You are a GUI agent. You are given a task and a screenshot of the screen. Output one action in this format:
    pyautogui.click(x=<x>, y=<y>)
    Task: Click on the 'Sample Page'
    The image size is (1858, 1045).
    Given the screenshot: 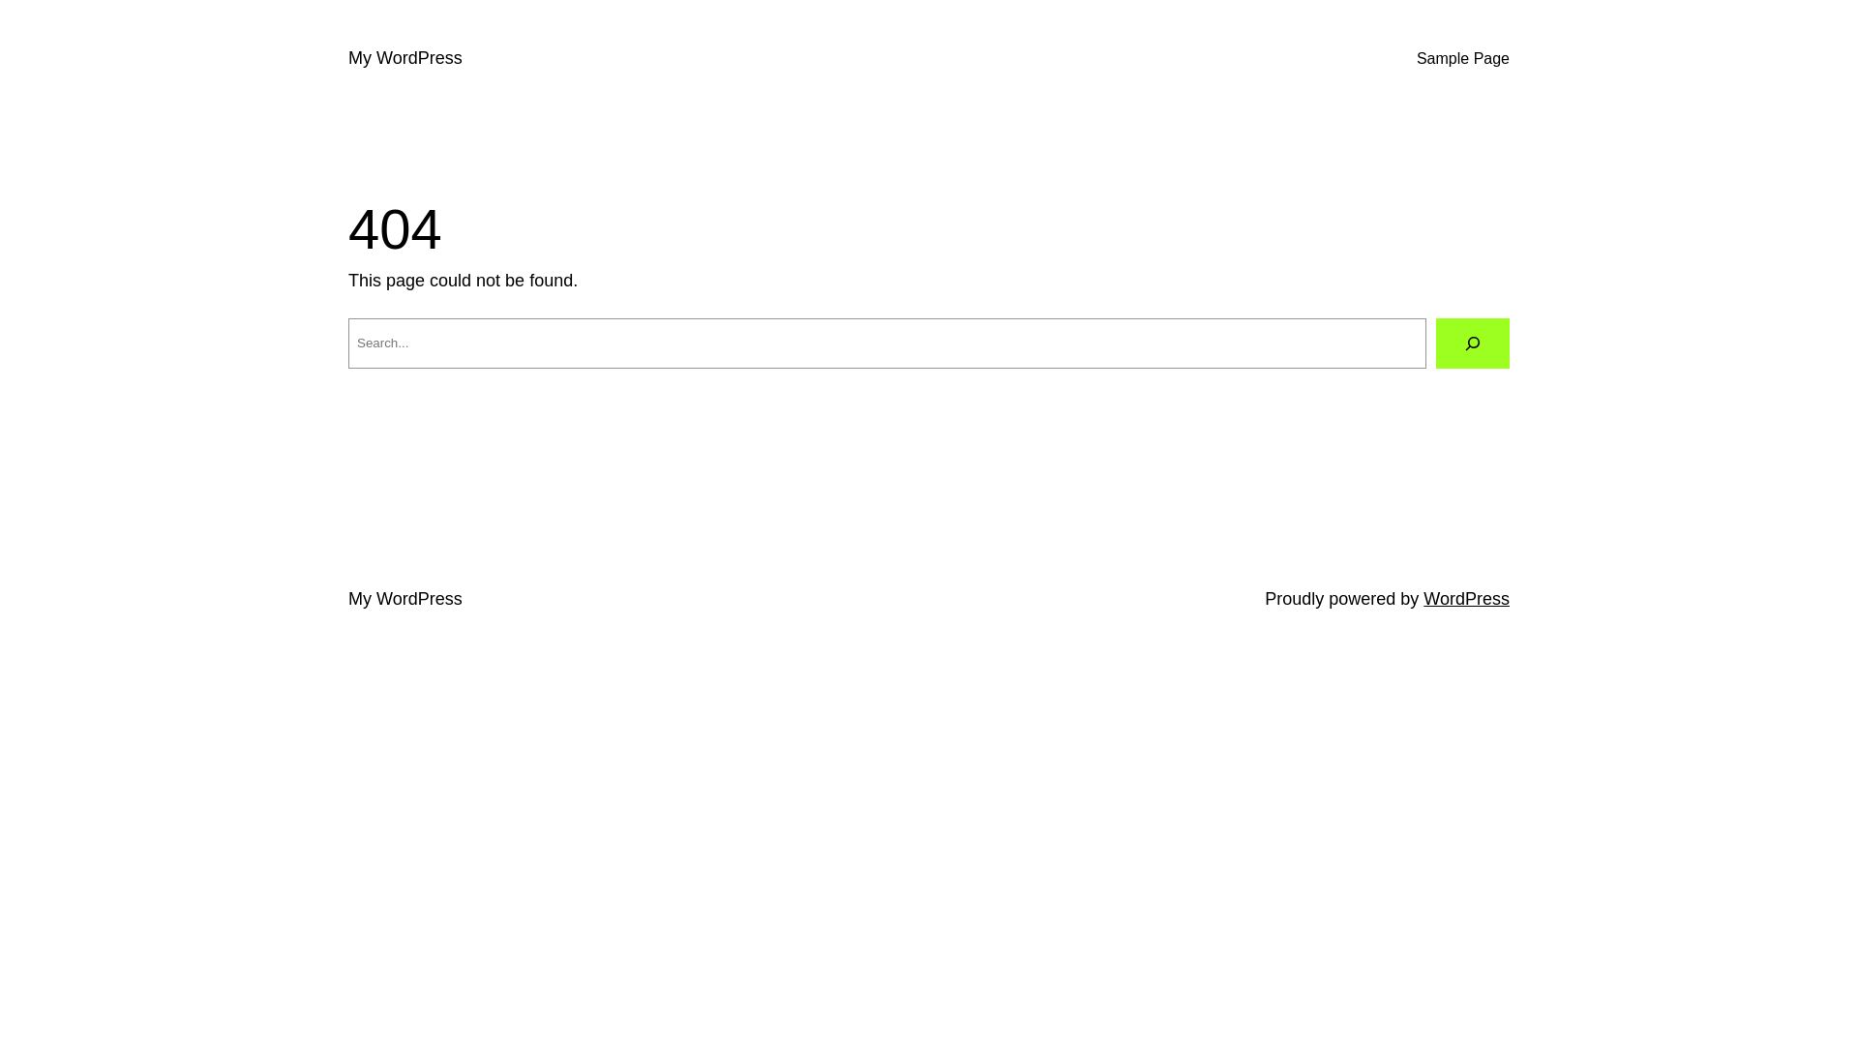 What is the action you would take?
    pyautogui.click(x=1417, y=58)
    